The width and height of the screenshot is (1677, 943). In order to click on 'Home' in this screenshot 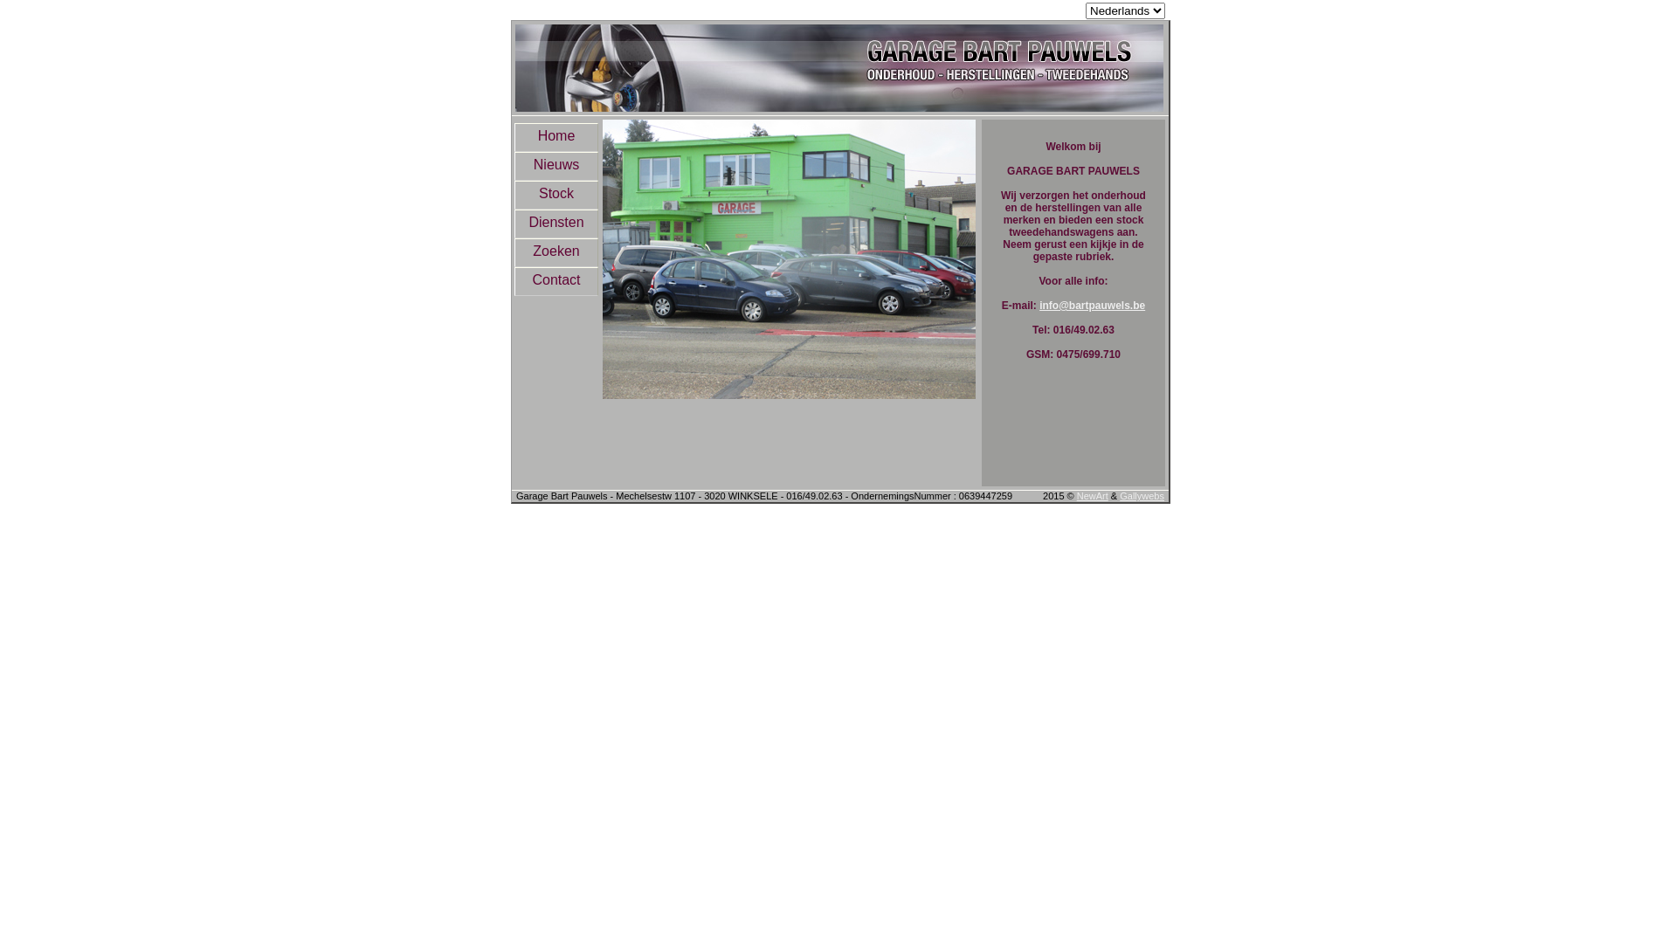, I will do `click(556, 136)`.